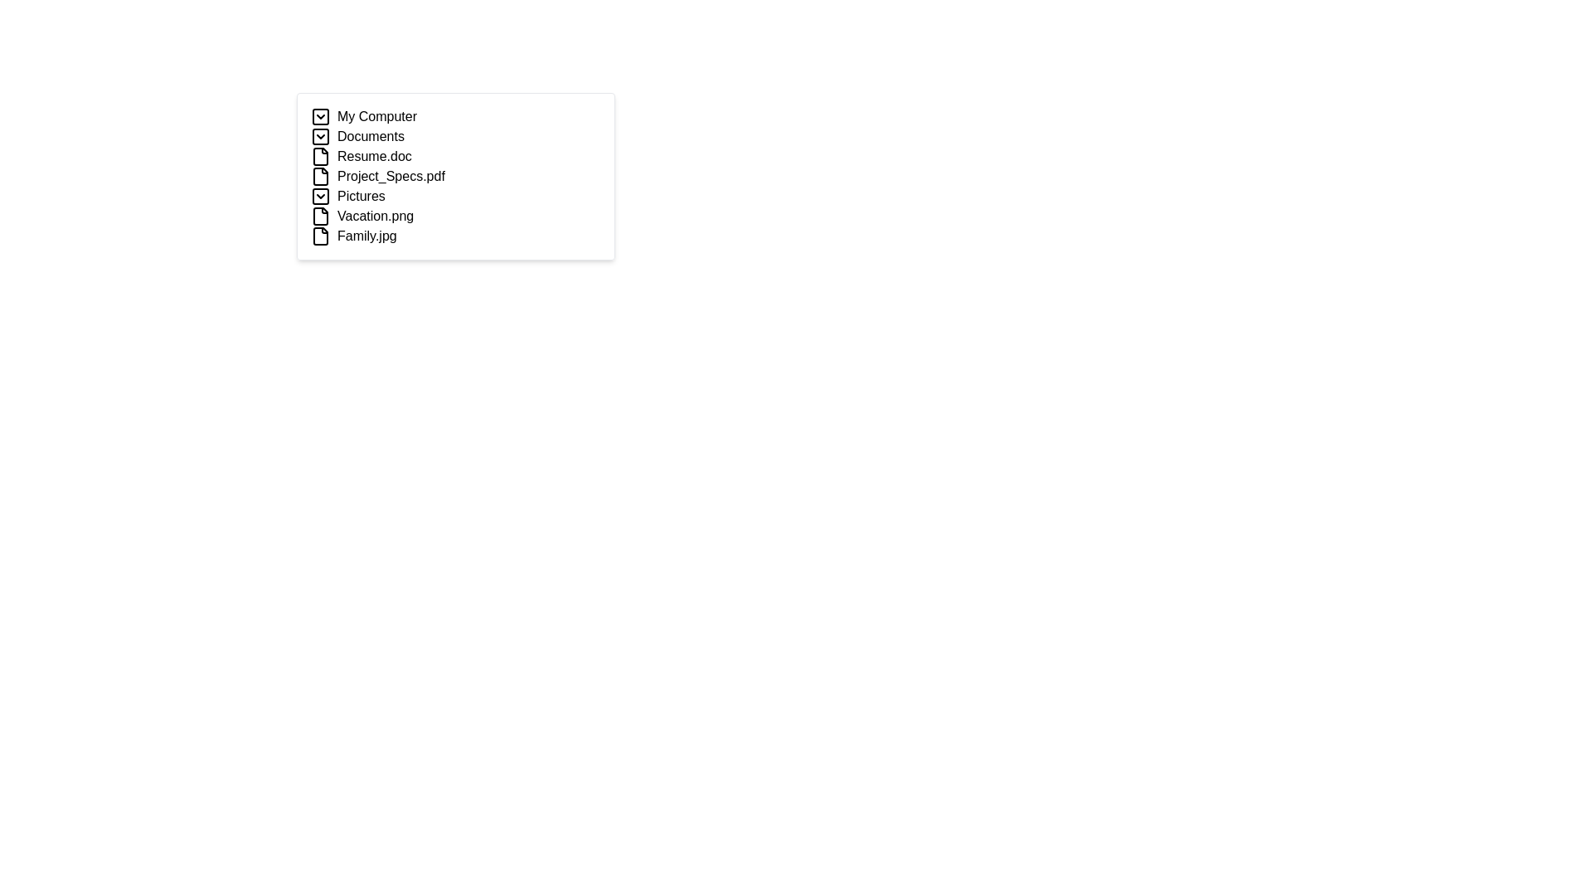  Describe the element at coordinates (456, 136) in the screenshot. I see `the 'Documents' category element, which is the second item in the vertical list of categories` at that location.